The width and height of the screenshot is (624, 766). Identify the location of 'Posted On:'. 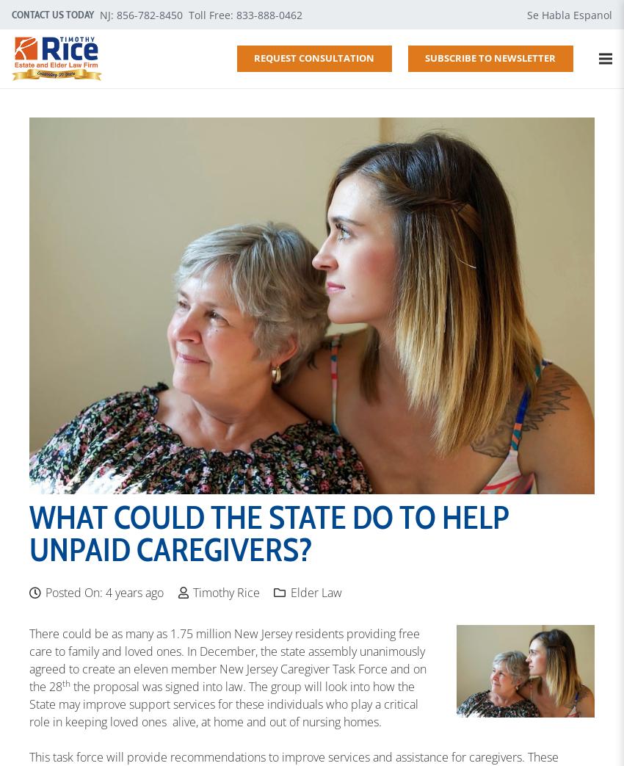
(75, 591).